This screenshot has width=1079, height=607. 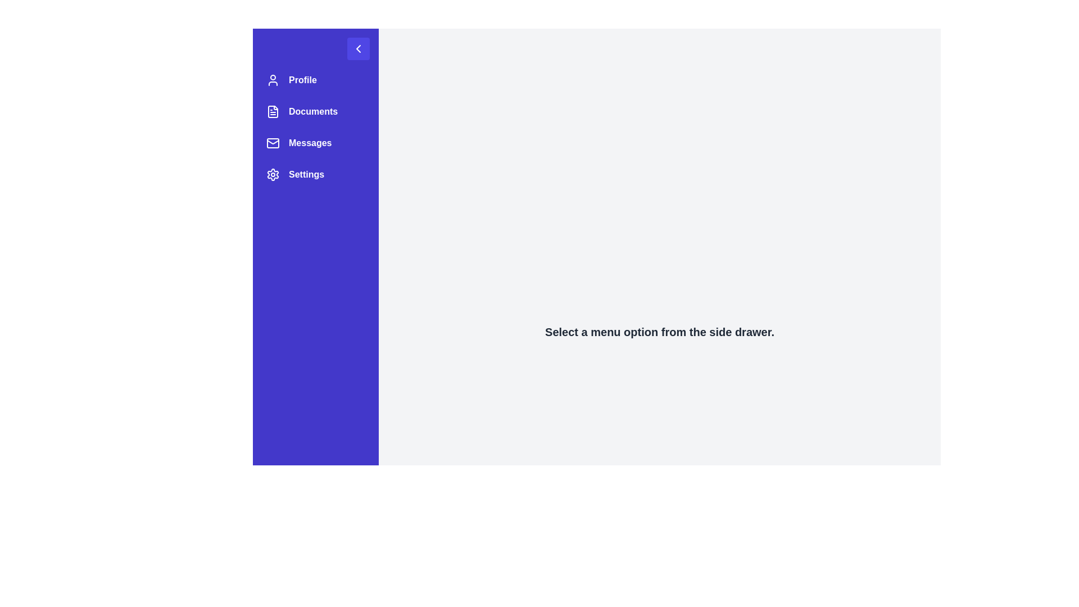 What do you see at coordinates (273, 175) in the screenshot?
I see `the cog icon in the navigation menu` at bounding box center [273, 175].